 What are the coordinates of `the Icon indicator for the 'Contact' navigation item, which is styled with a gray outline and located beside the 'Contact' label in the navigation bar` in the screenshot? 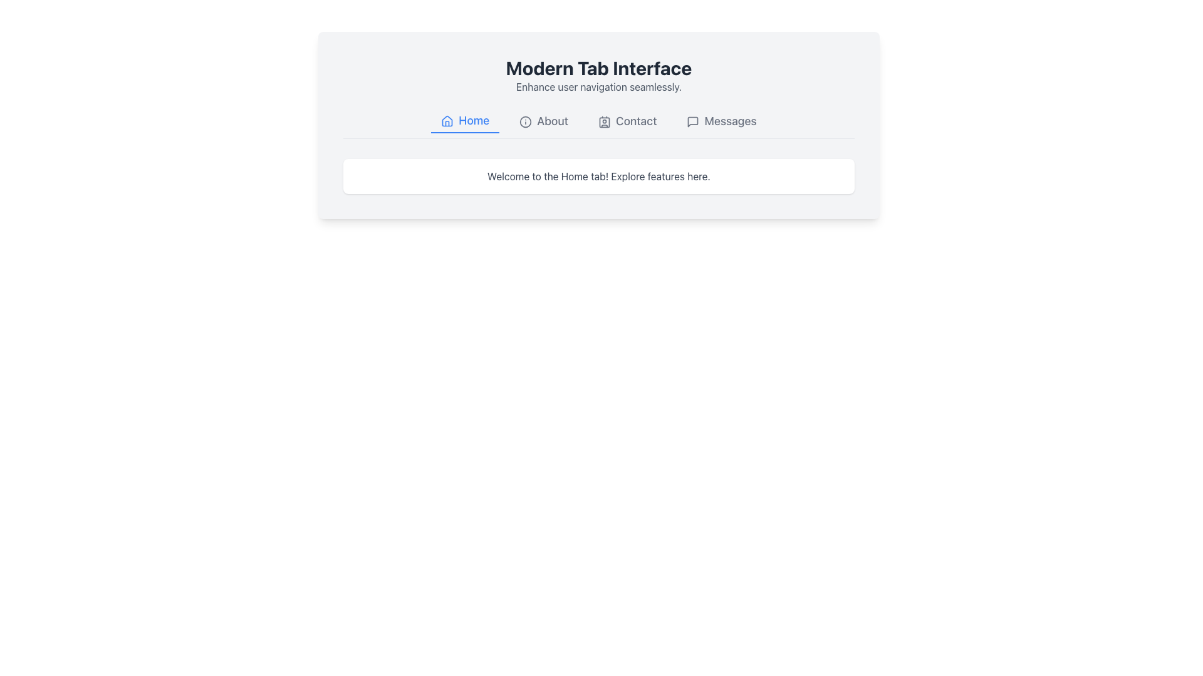 It's located at (604, 122).